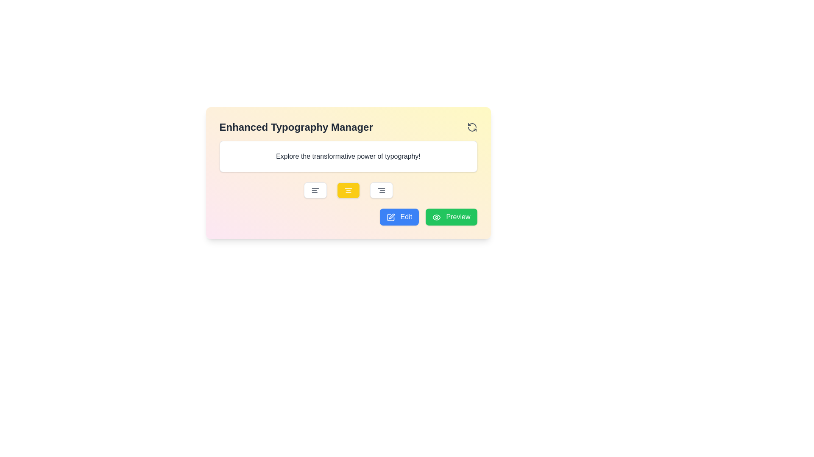  I want to click on the yellow button with white text or iconography, which is the second button from the left in a group of three buttons, so click(348, 190).